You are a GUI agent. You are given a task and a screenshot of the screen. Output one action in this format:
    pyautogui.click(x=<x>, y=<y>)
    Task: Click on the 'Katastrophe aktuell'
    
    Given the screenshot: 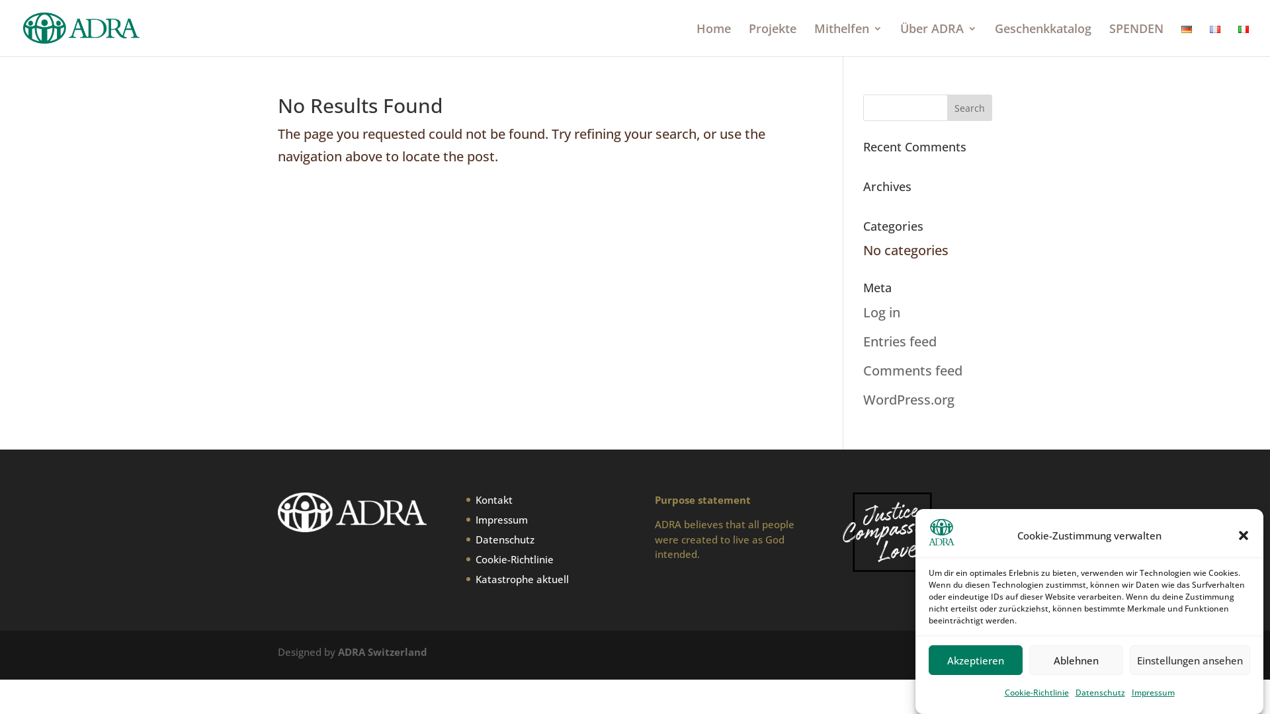 What is the action you would take?
    pyautogui.click(x=521, y=578)
    